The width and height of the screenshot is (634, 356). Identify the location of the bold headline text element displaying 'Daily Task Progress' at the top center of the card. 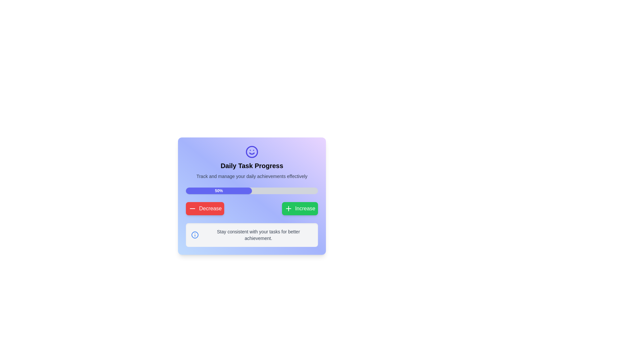
(252, 165).